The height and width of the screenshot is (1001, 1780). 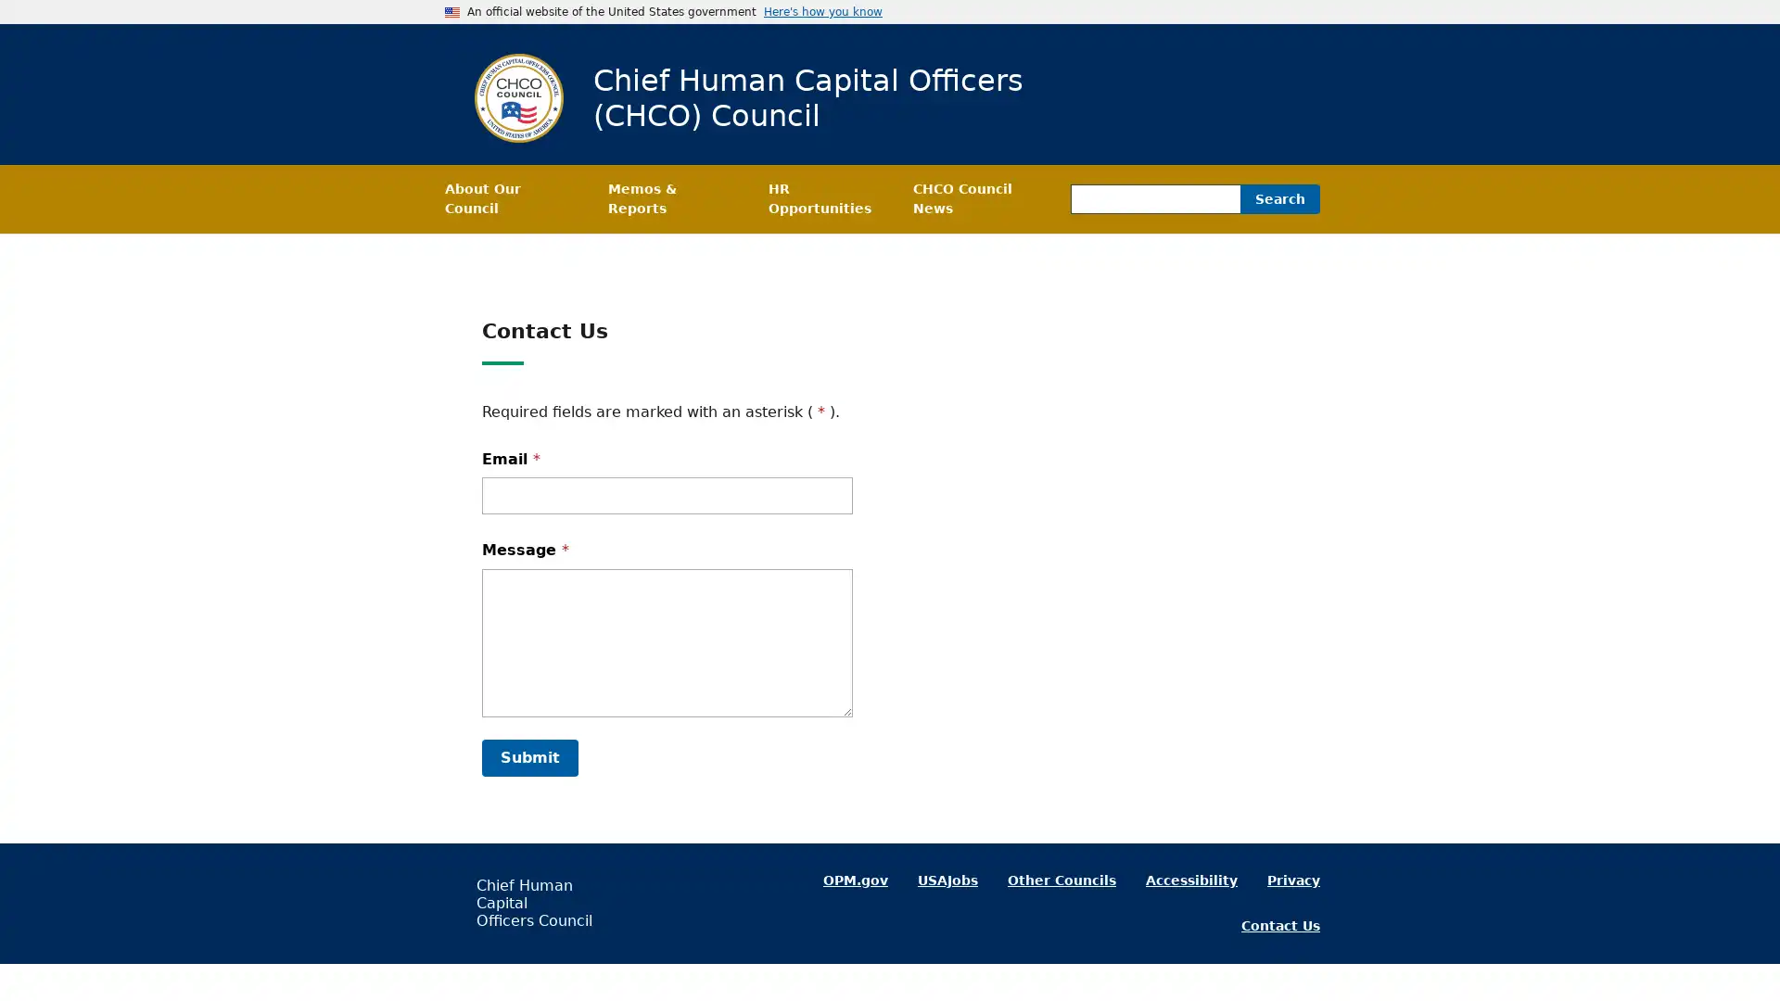 I want to click on Memos & Reports, so click(x=671, y=199).